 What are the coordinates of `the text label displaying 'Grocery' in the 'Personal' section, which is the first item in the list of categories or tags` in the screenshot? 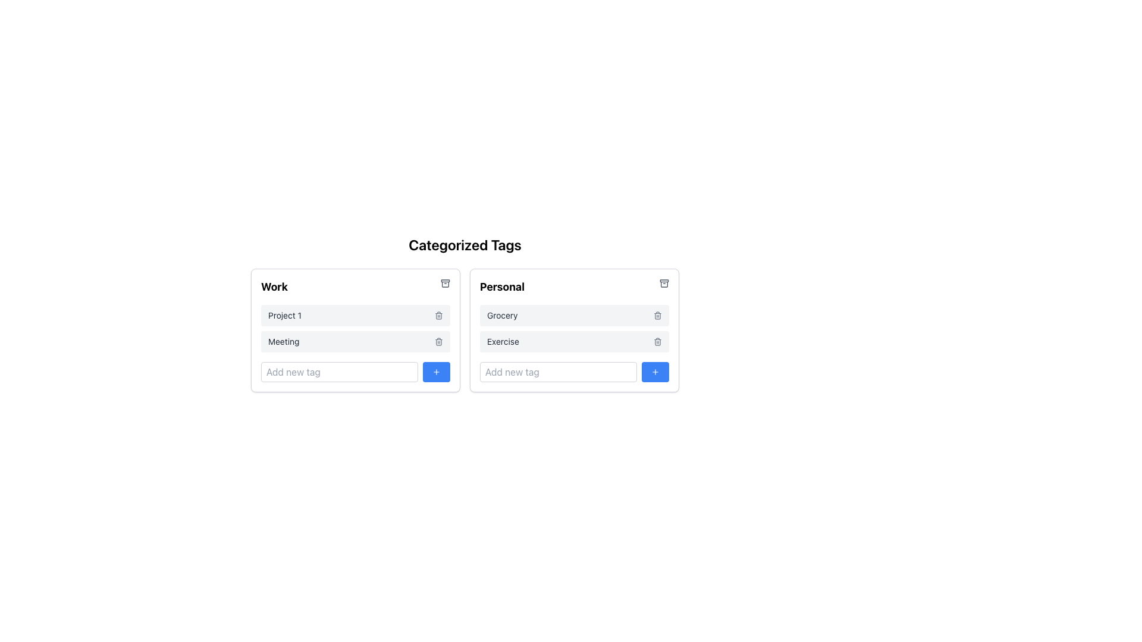 It's located at (502, 315).